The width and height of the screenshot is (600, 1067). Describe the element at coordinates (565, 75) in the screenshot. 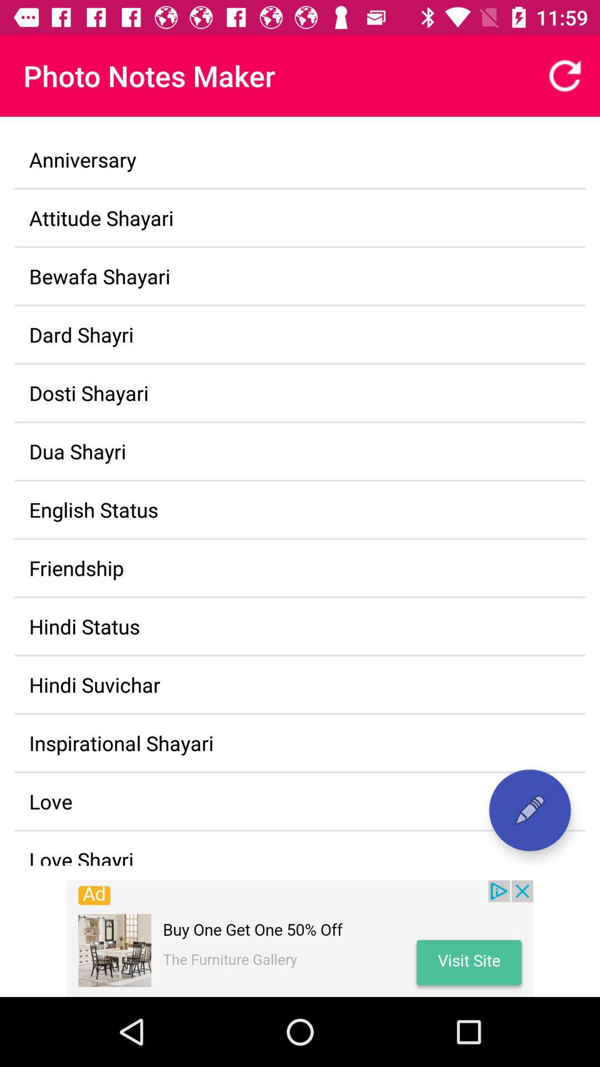

I see `refresh the page` at that location.